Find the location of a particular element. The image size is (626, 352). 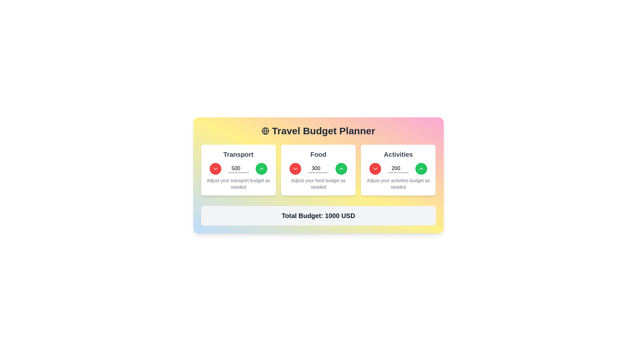

to select the numeric value in the central text input field within the 'Food' card is located at coordinates (318, 168).